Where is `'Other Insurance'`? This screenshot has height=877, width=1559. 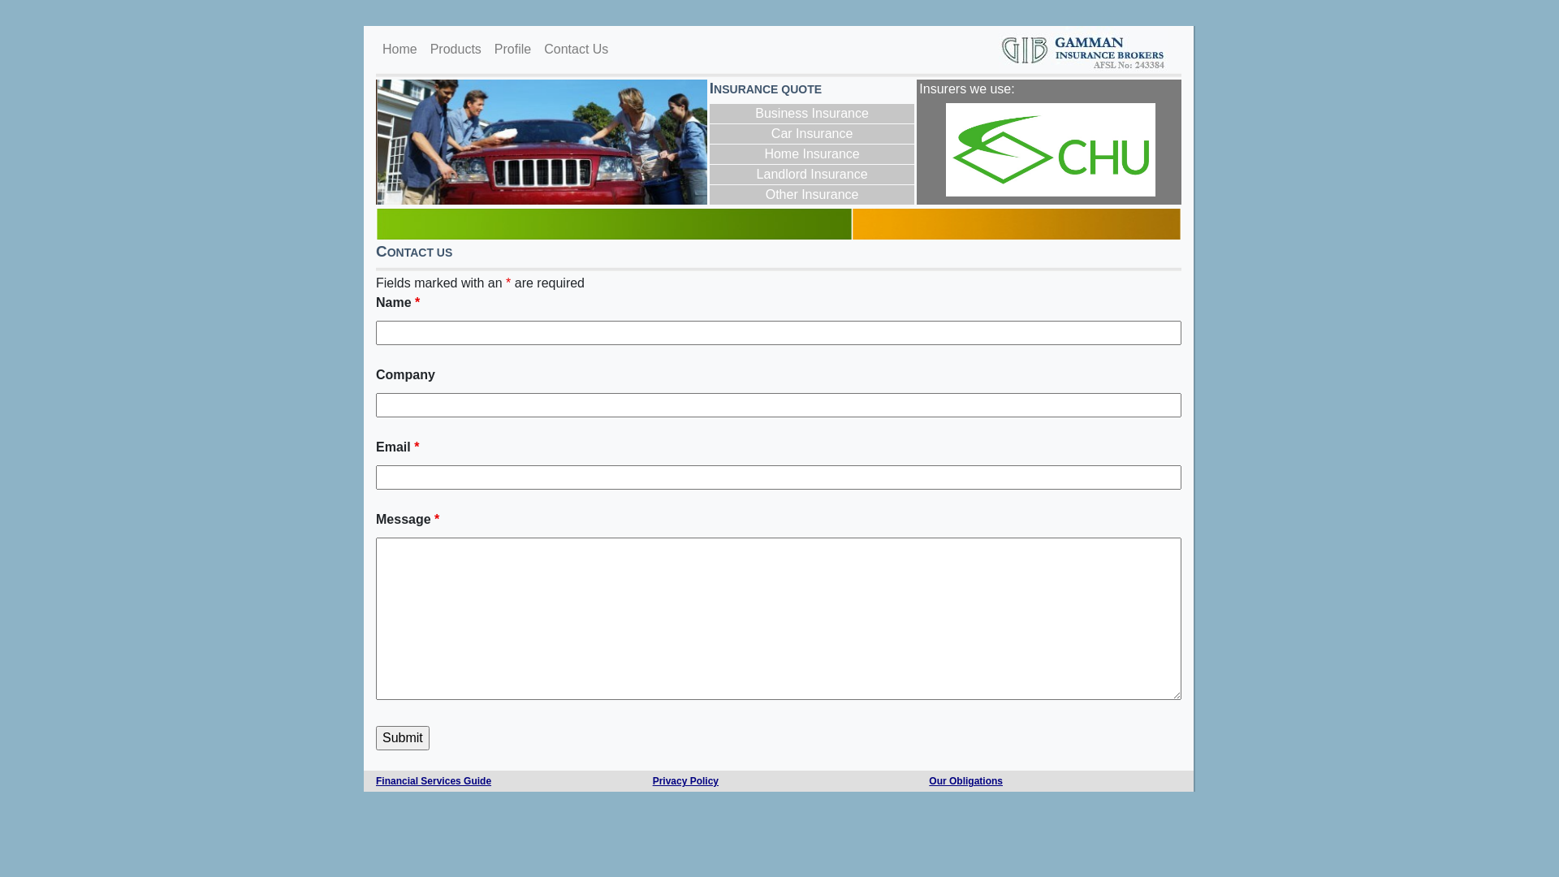
'Other Insurance' is located at coordinates (812, 193).